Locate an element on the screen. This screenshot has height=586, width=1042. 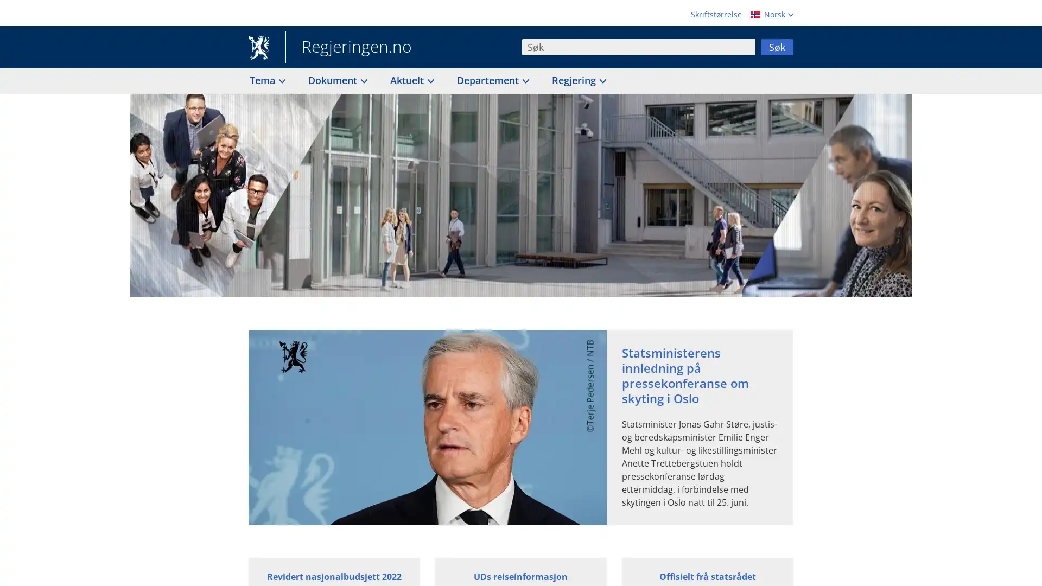
Aktuelt is located at coordinates (411, 80).